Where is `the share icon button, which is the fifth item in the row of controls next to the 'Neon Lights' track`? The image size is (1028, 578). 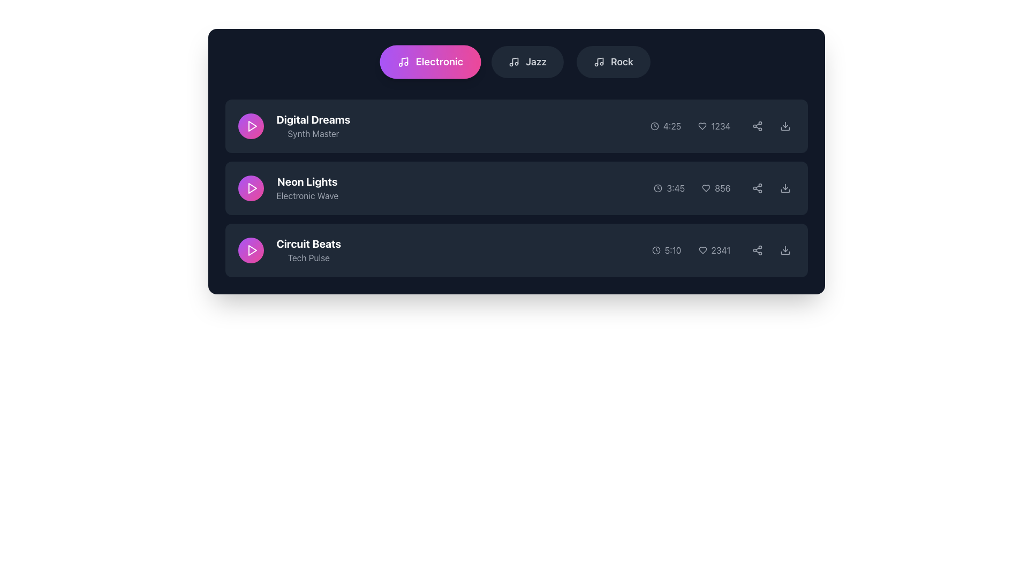 the share icon button, which is the fifth item in the row of controls next to the 'Neon Lights' track is located at coordinates (757, 187).